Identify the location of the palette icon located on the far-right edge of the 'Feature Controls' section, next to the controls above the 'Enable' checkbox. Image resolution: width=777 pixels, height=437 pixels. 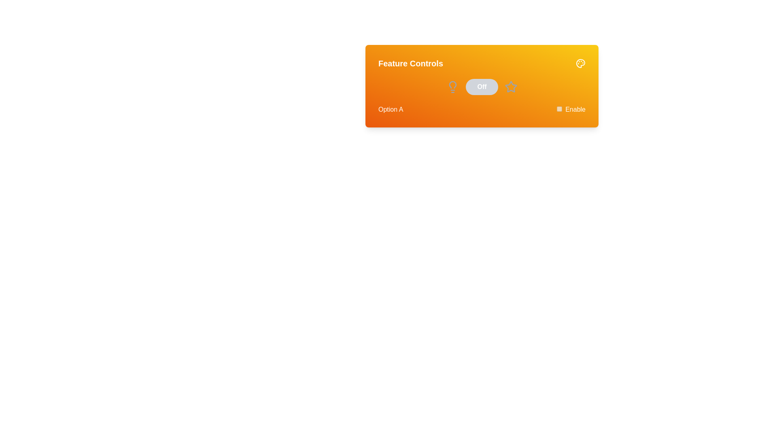
(580, 63).